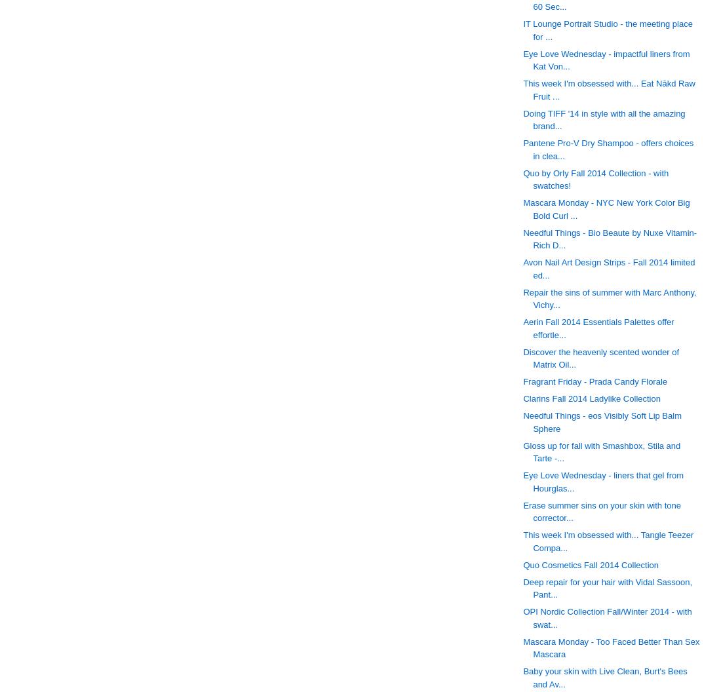  I want to click on 'Gloss up for fall with Smashbox, Stila and Tarte -...', so click(601, 452).